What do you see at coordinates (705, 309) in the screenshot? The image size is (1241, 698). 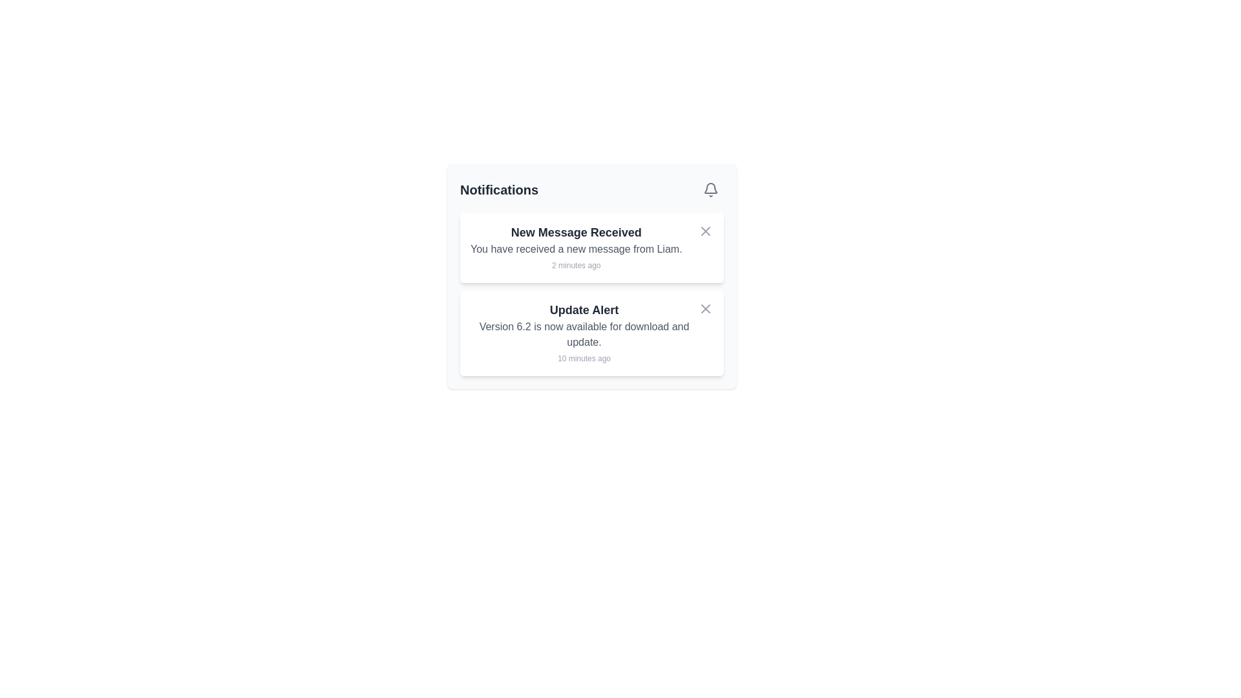 I see `the close icon located in the top right corner of the 'New Message Received' notification card to potentially display a tooltip` at bounding box center [705, 309].